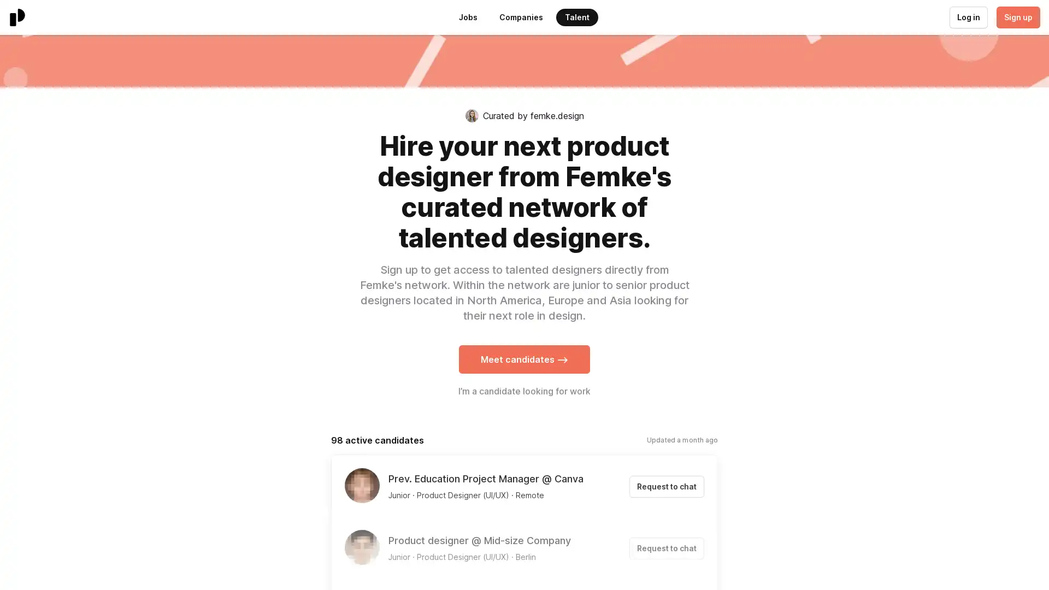  What do you see at coordinates (666, 548) in the screenshot?
I see `Request to chat` at bounding box center [666, 548].